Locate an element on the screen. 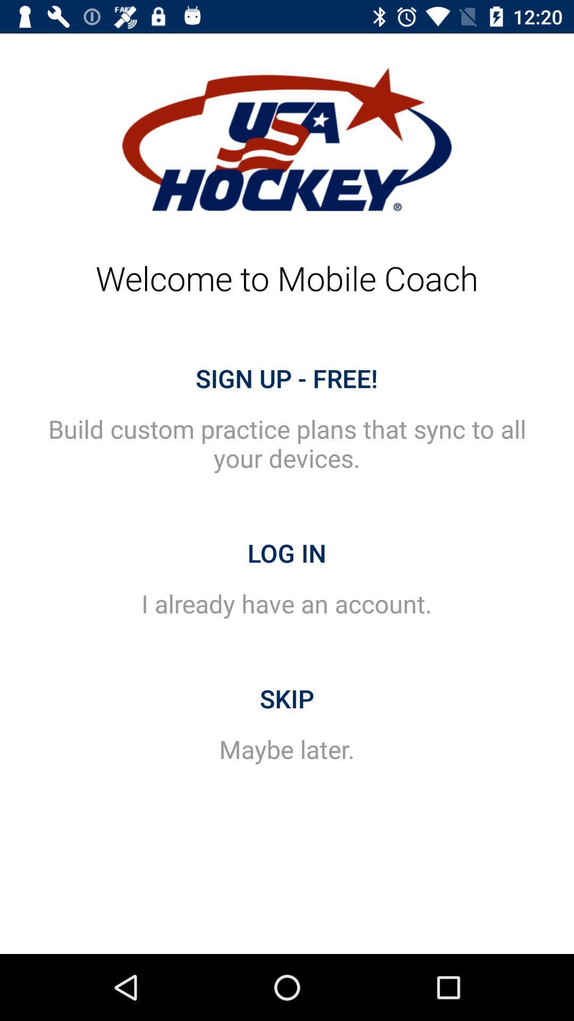 This screenshot has height=1021, width=574. skip item is located at coordinates (287, 699).